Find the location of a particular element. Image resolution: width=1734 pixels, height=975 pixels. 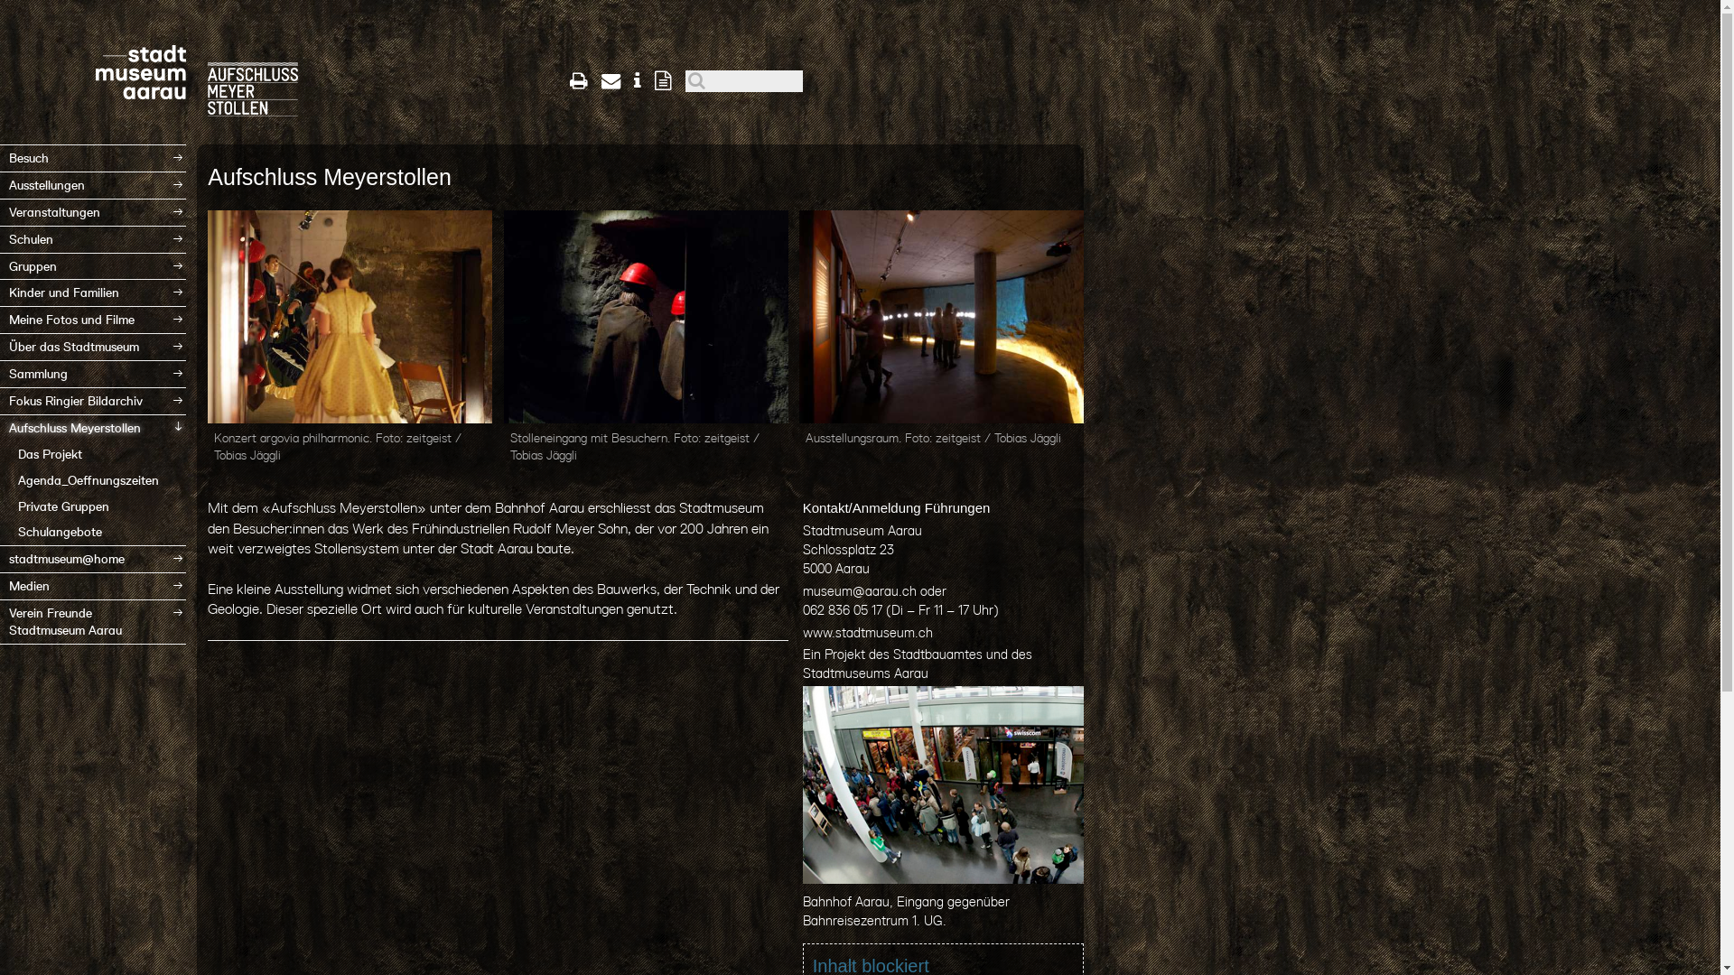

'Gruppen' is located at coordinates (91, 266).